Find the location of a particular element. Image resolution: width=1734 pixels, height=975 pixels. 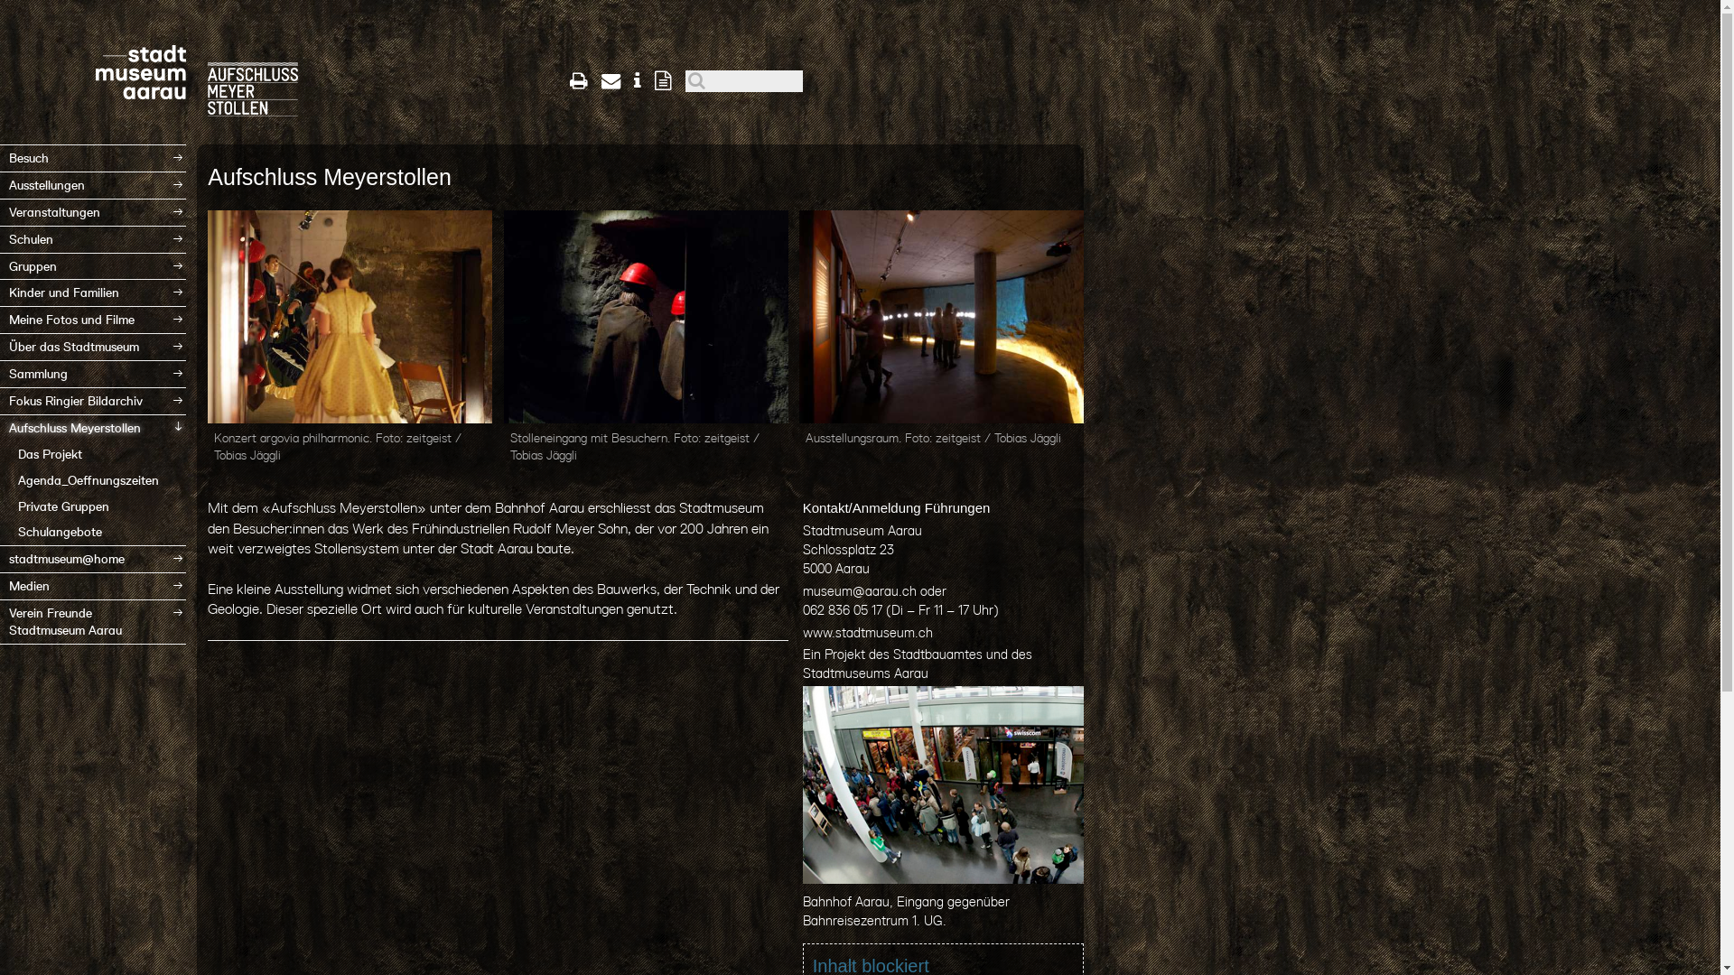

'Gruppen' is located at coordinates (91, 266).